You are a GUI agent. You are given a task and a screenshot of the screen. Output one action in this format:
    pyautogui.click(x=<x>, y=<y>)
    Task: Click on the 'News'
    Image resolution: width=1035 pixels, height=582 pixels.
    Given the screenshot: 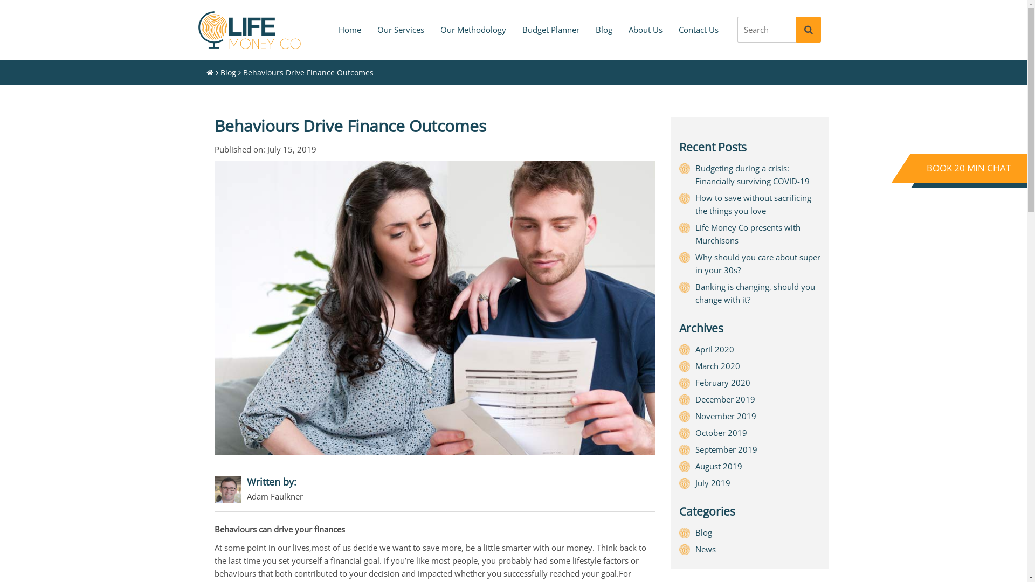 What is the action you would take?
    pyautogui.click(x=706, y=549)
    